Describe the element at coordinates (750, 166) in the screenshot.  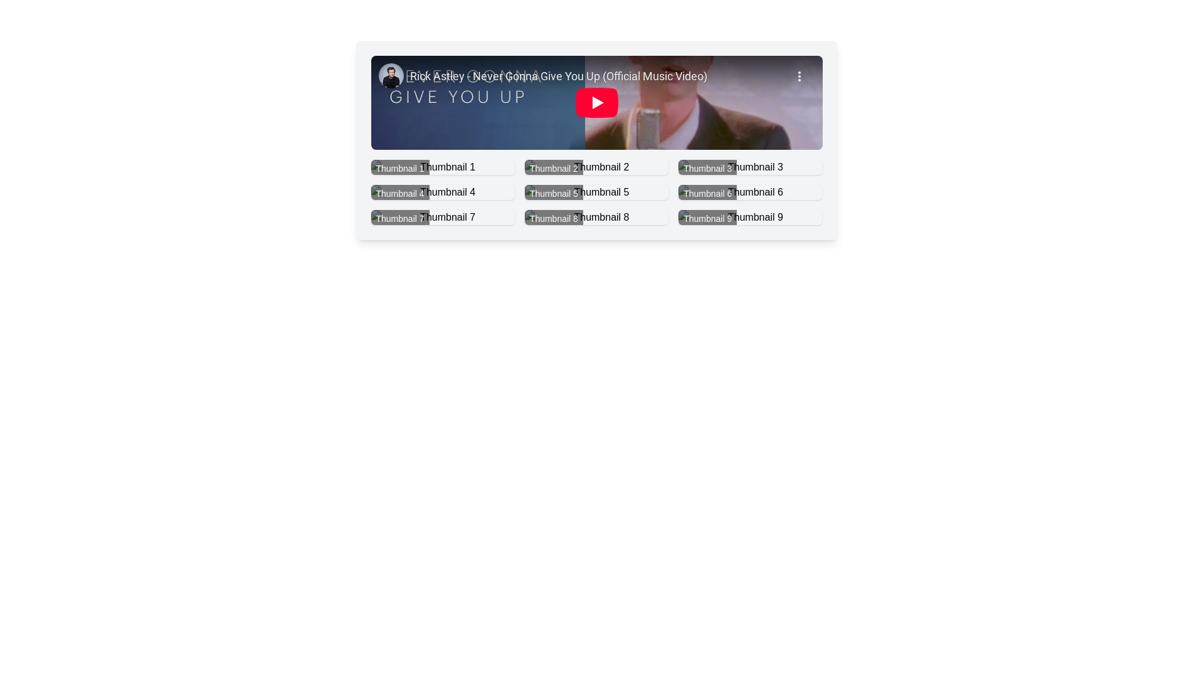
I see `the static visual component labeled 'Thumbnail 3', which is the third item in a grid structure with a rounded rectangular shape and a dark semi-transparent overlay` at that location.